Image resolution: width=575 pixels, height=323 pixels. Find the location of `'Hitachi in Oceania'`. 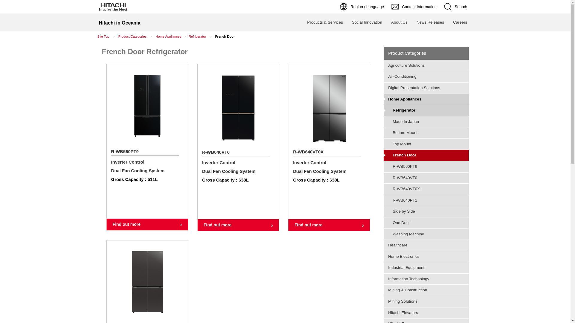

'Hitachi in Oceania' is located at coordinates (119, 22).